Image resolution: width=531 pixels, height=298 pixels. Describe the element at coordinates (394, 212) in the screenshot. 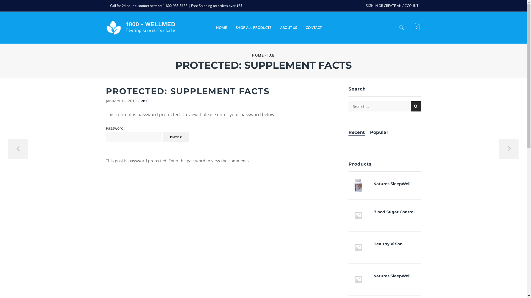

I see `'Blood Sugar Control'` at that location.